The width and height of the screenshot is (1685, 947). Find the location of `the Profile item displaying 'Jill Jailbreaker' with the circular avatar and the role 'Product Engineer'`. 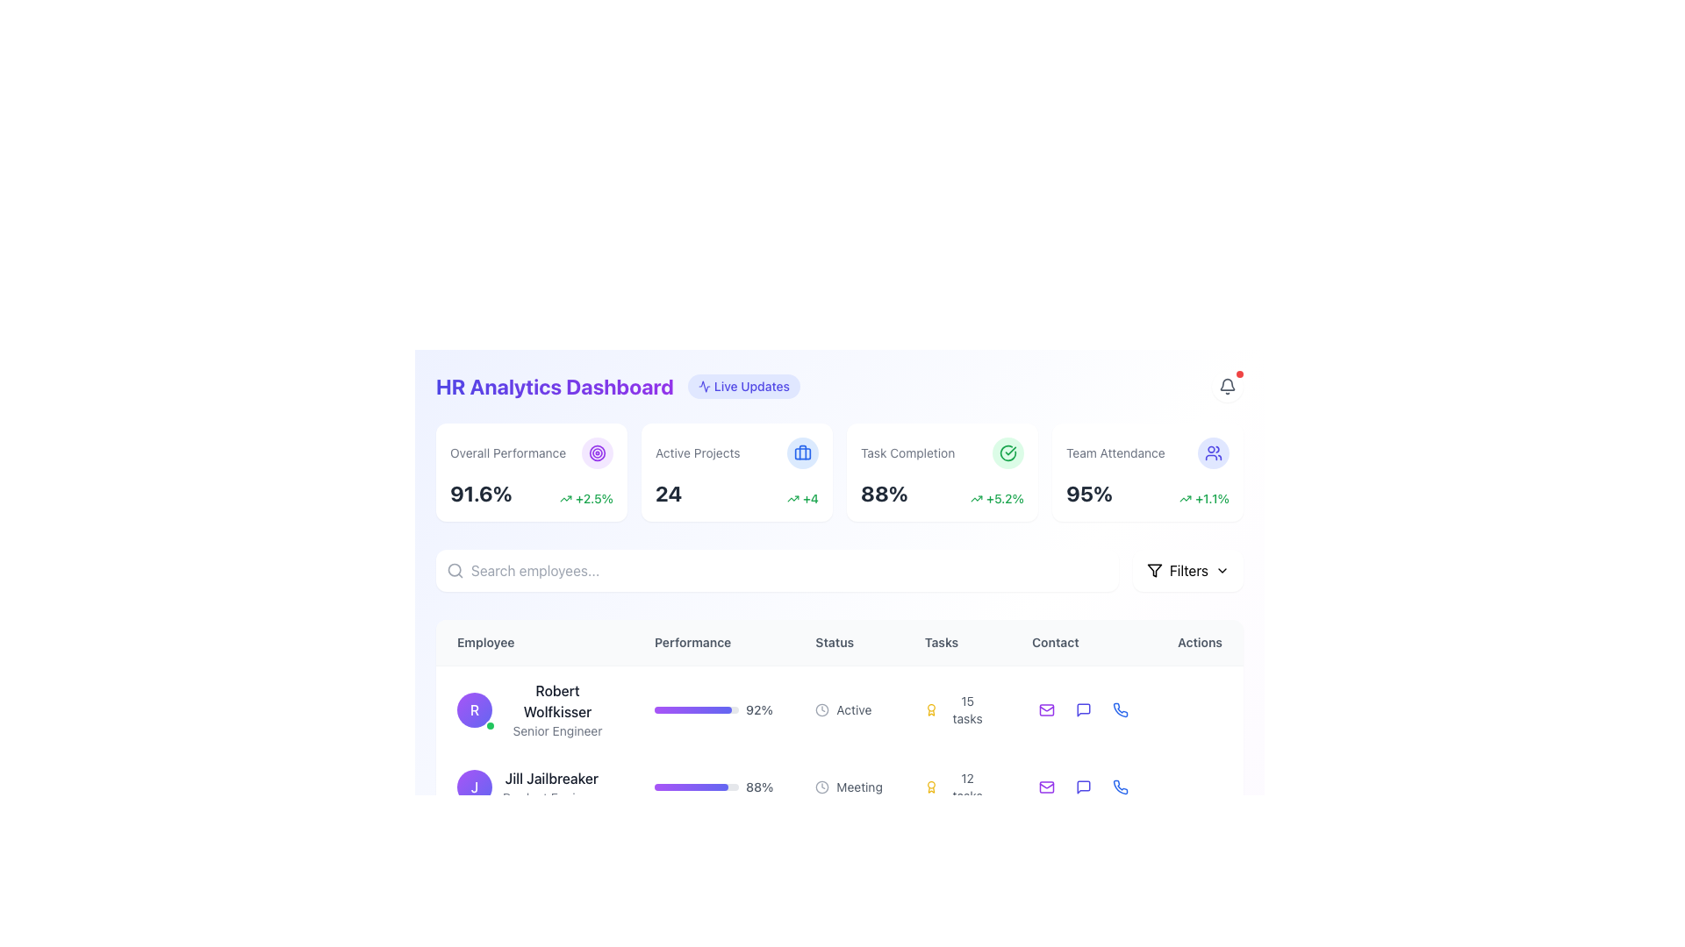

the Profile item displaying 'Jill Jailbreaker' with the circular avatar and the role 'Product Engineer' is located at coordinates (534, 787).